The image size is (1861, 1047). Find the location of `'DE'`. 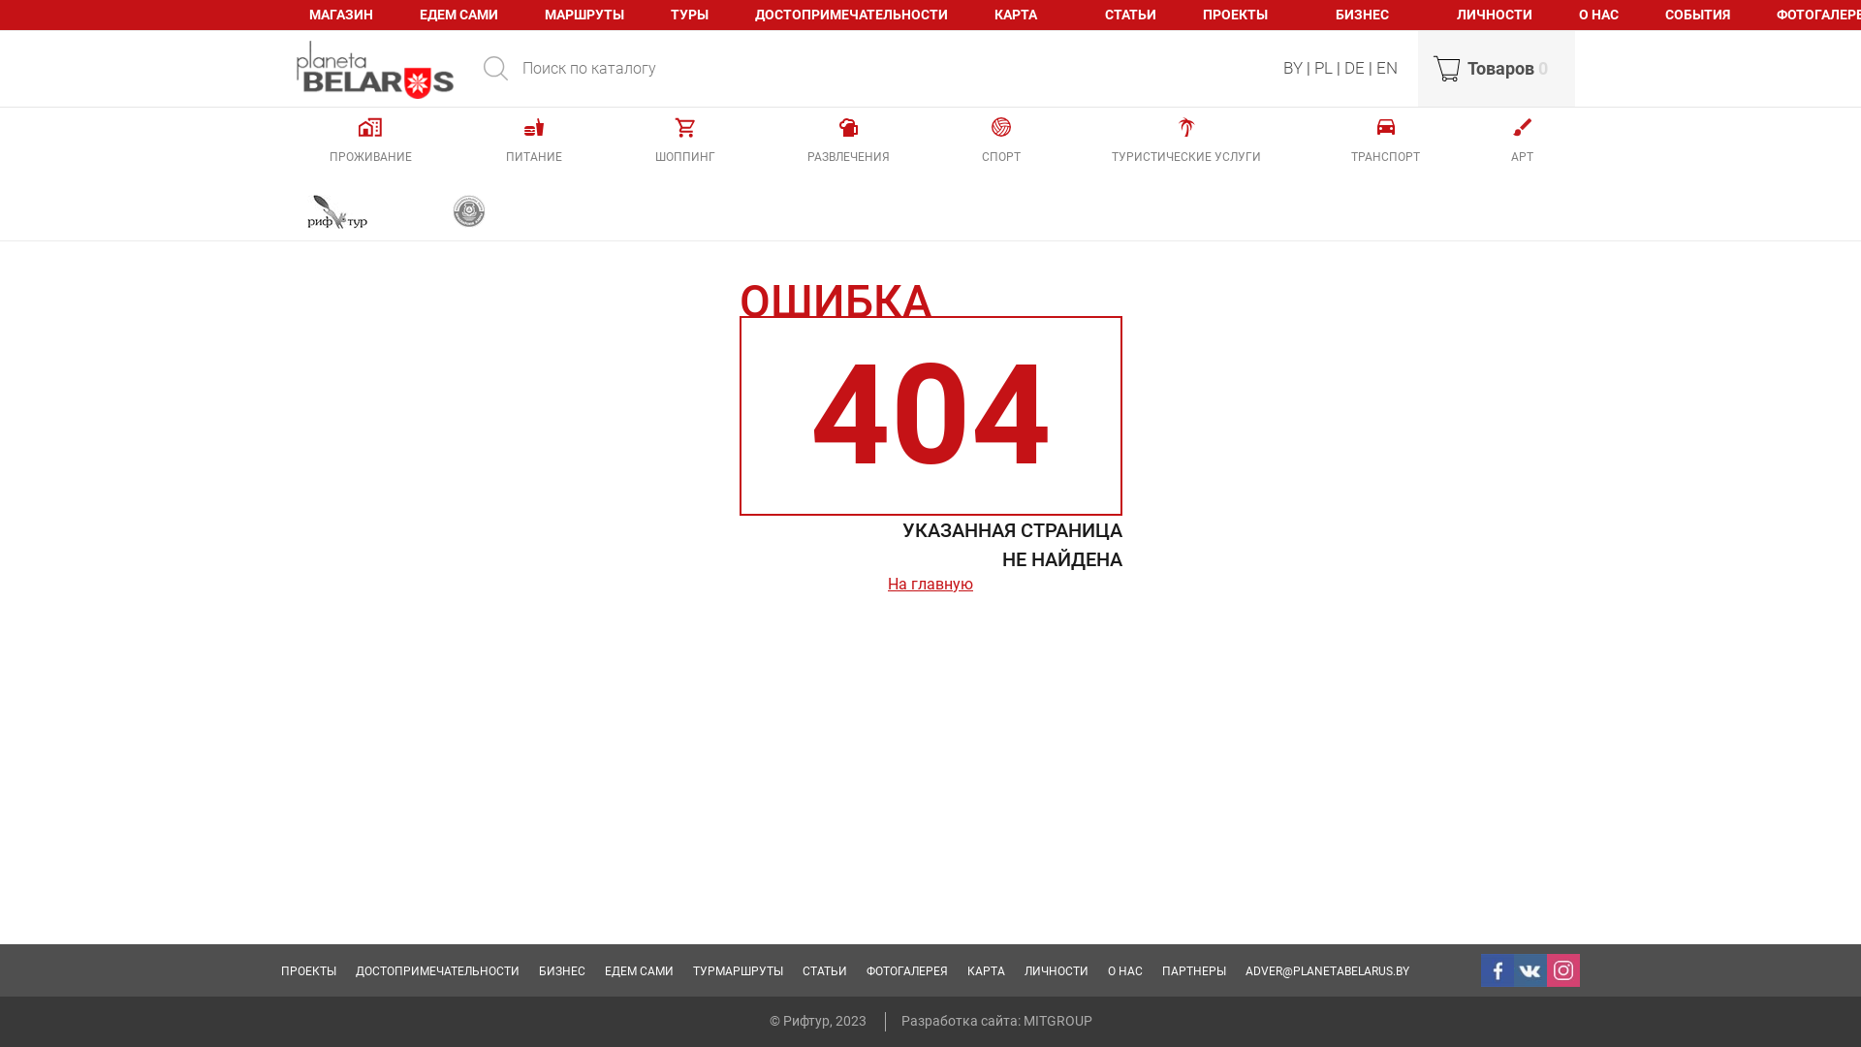

'DE' is located at coordinates (1343, 66).